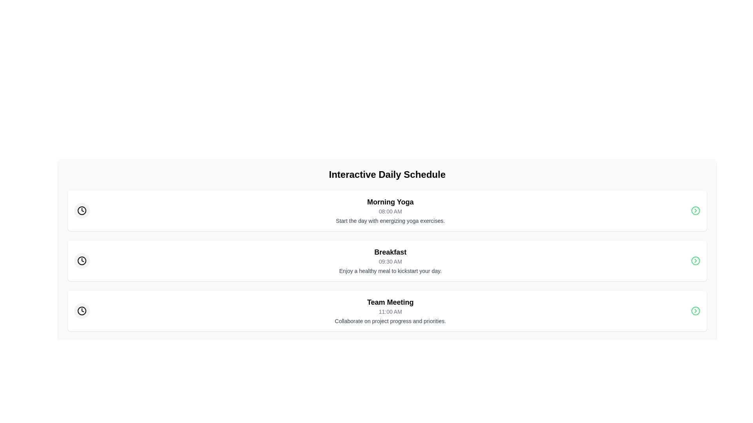 This screenshot has width=753, height=423. What do you see at coordinates (696, 311) in the screenshot?
I see `the green circular SVG Circle Element that is part of the completion status icons for the 'Team Meeting' schedule row` at bounding box center [696, 311].